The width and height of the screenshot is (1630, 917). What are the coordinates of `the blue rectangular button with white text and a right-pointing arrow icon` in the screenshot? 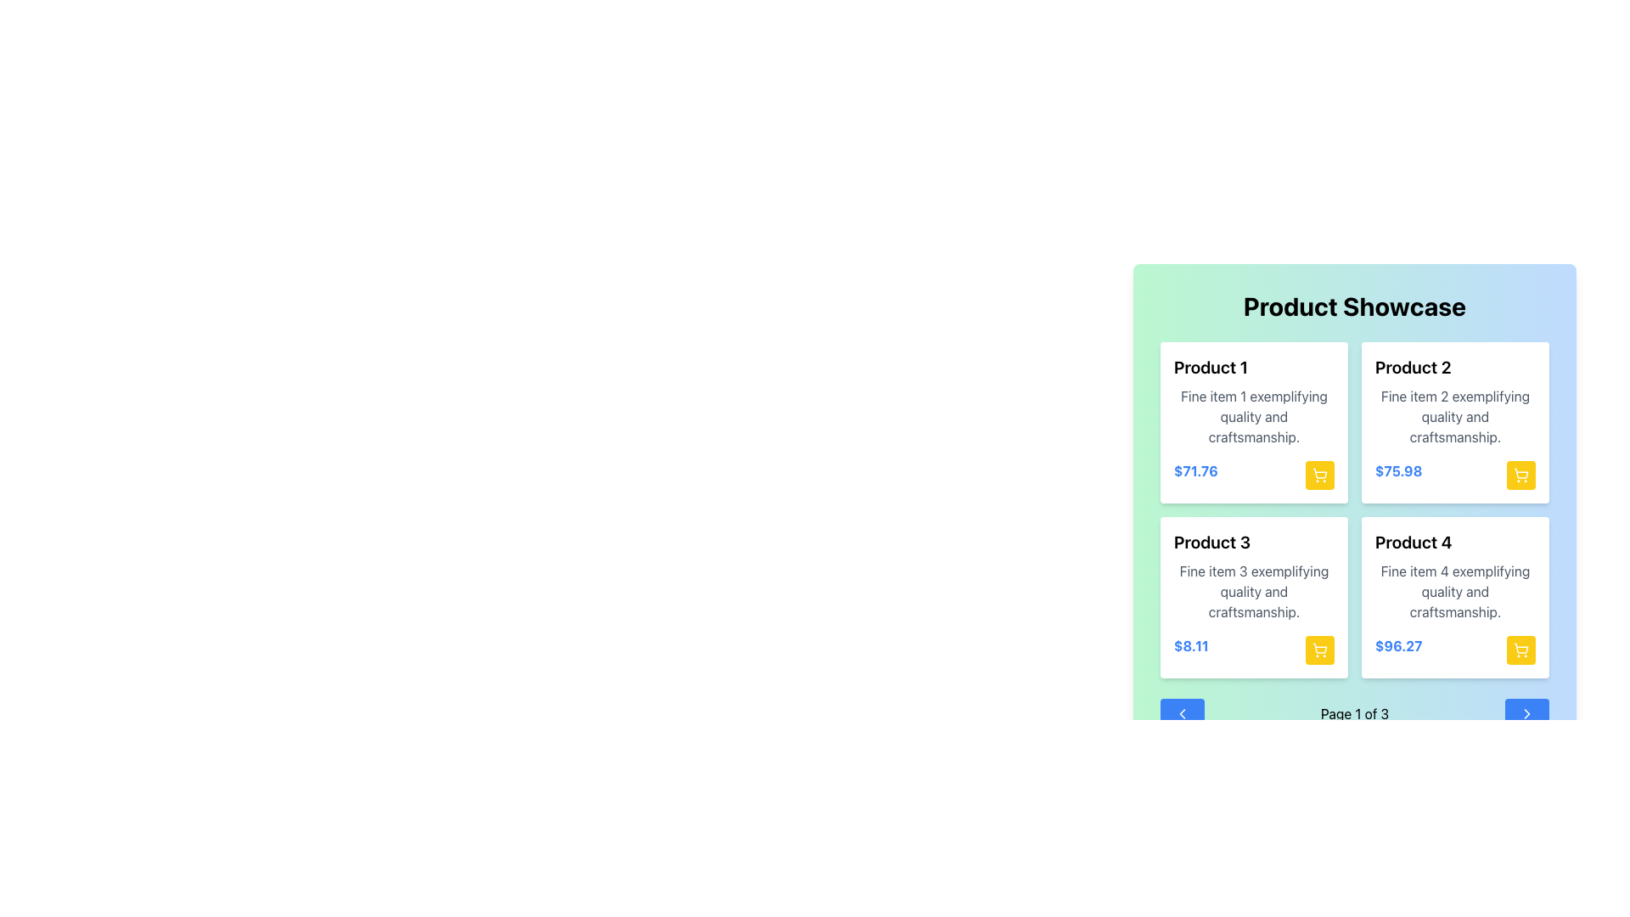 It's located at (1527, 713).